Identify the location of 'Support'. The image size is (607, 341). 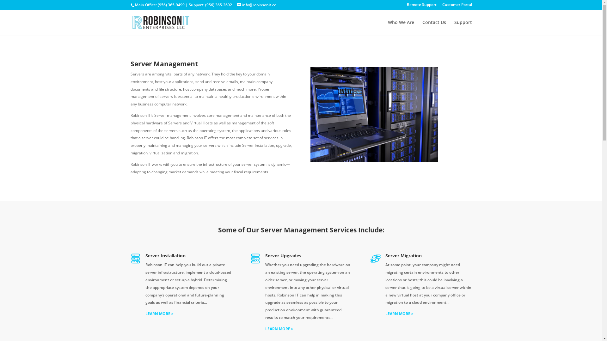
(463, 27).